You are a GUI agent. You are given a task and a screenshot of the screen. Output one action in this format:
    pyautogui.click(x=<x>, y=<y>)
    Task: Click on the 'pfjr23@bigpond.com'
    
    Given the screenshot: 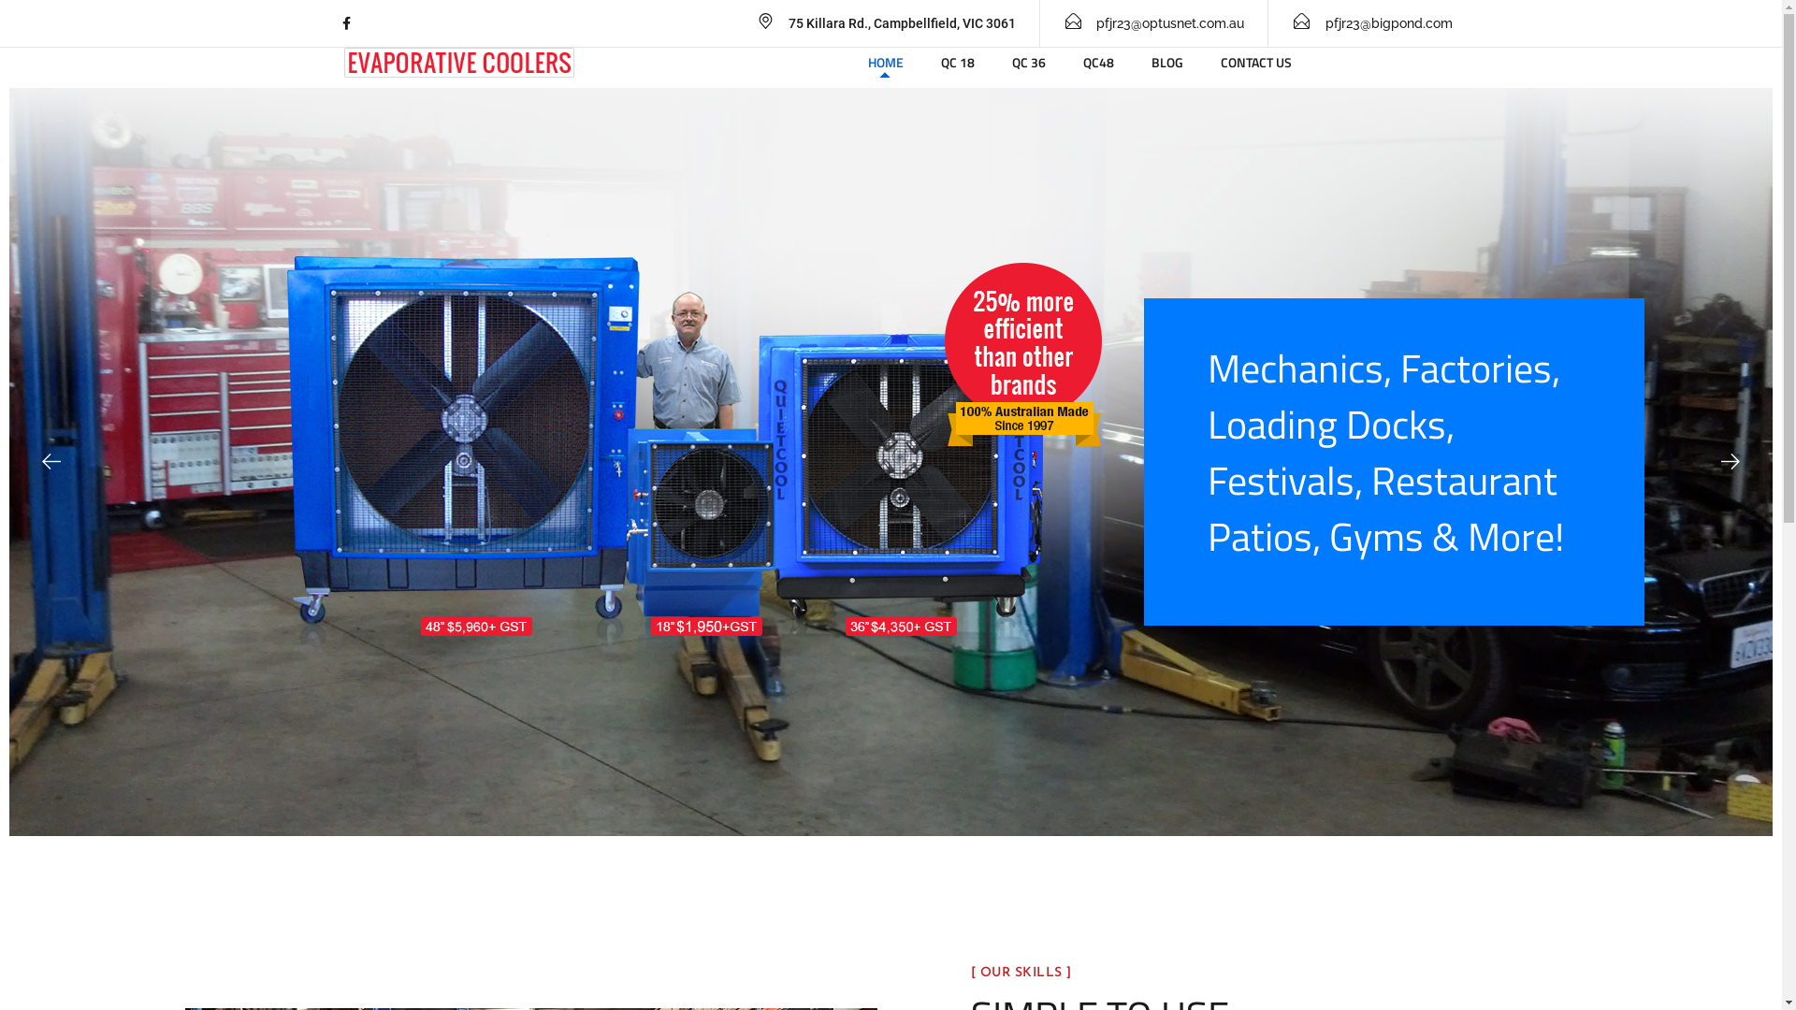 What is the action you would take?
    pyautogui.click(x=1371, y=22)
    